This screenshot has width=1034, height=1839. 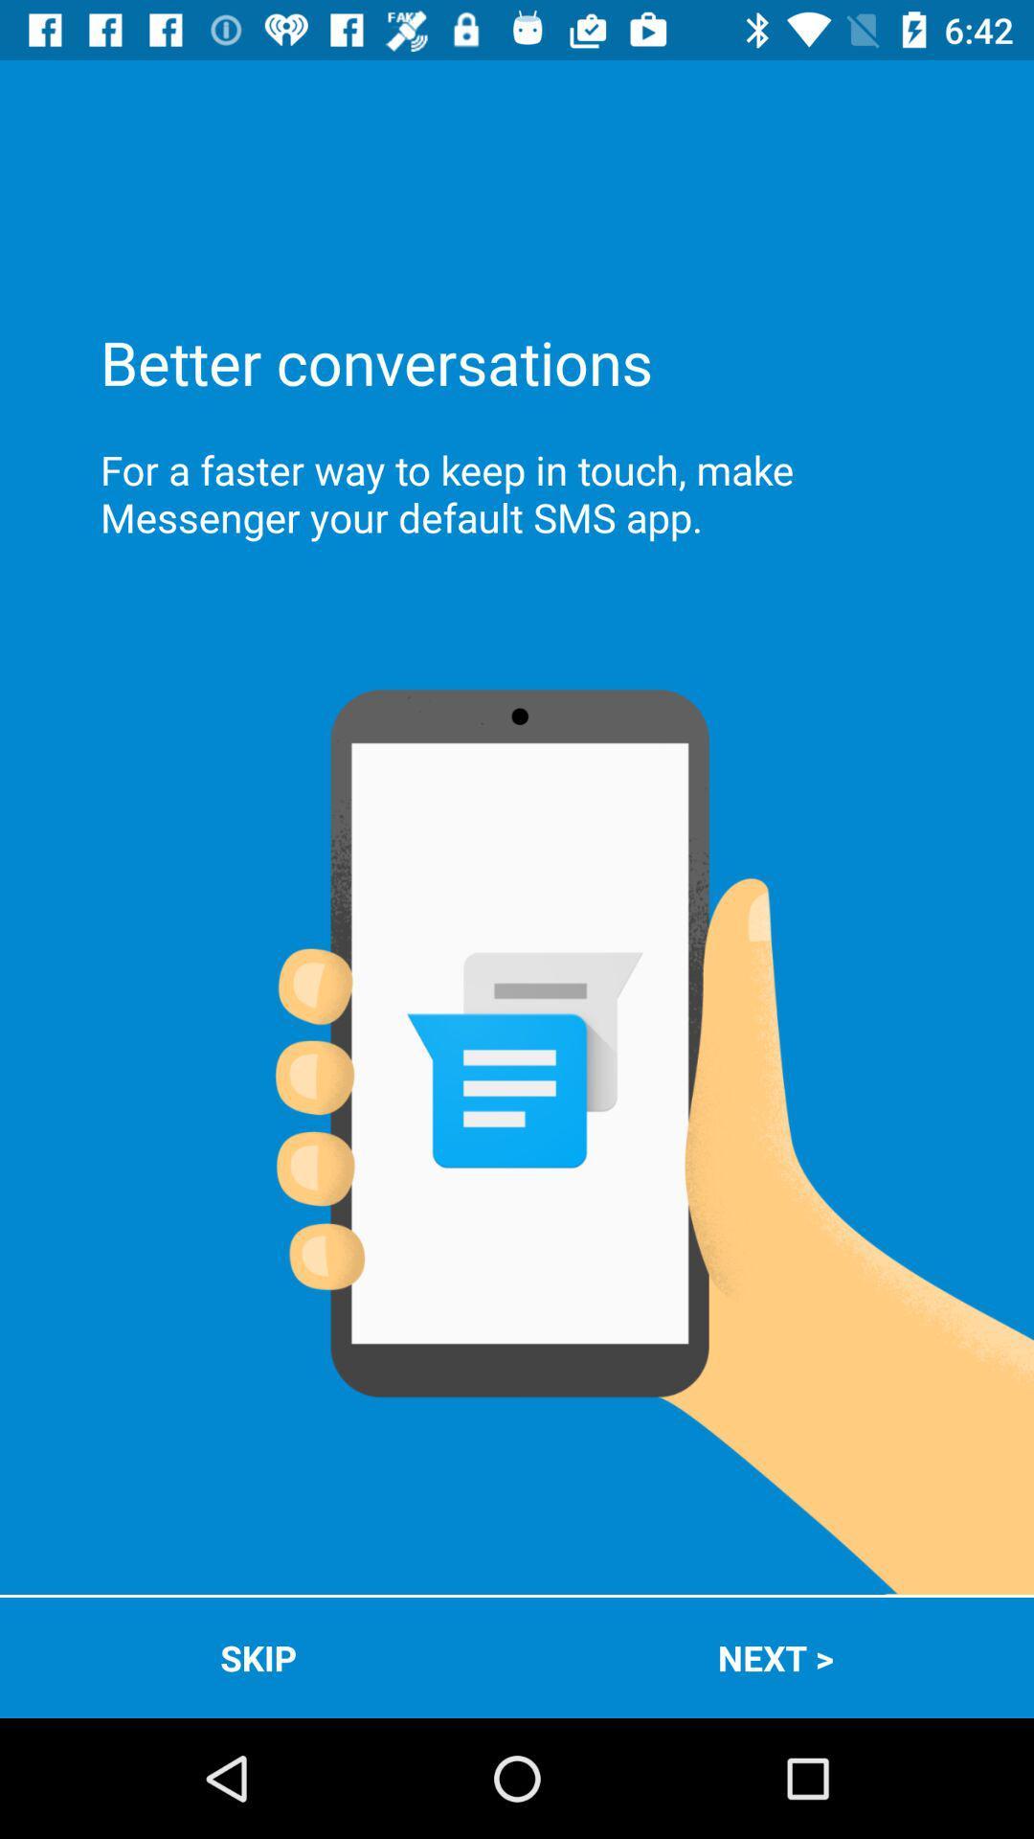 I want to click on the icon to the right of the skip, so click(x=775, y=1657).